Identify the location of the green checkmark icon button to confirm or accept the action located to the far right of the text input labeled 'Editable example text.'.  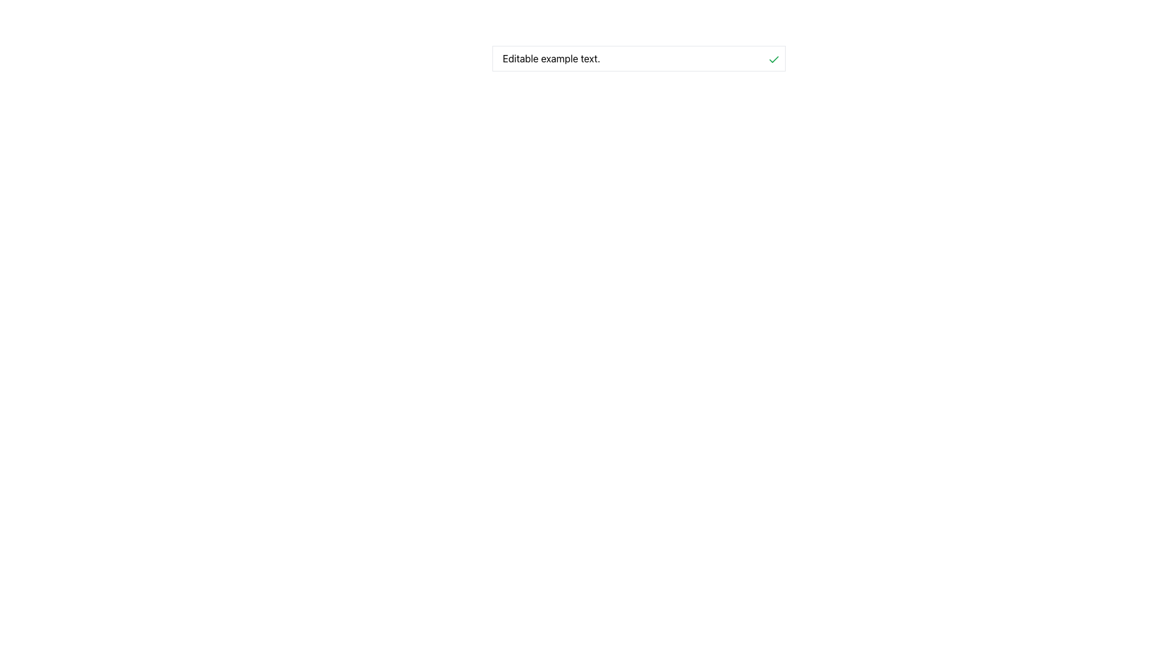
(773, 59).